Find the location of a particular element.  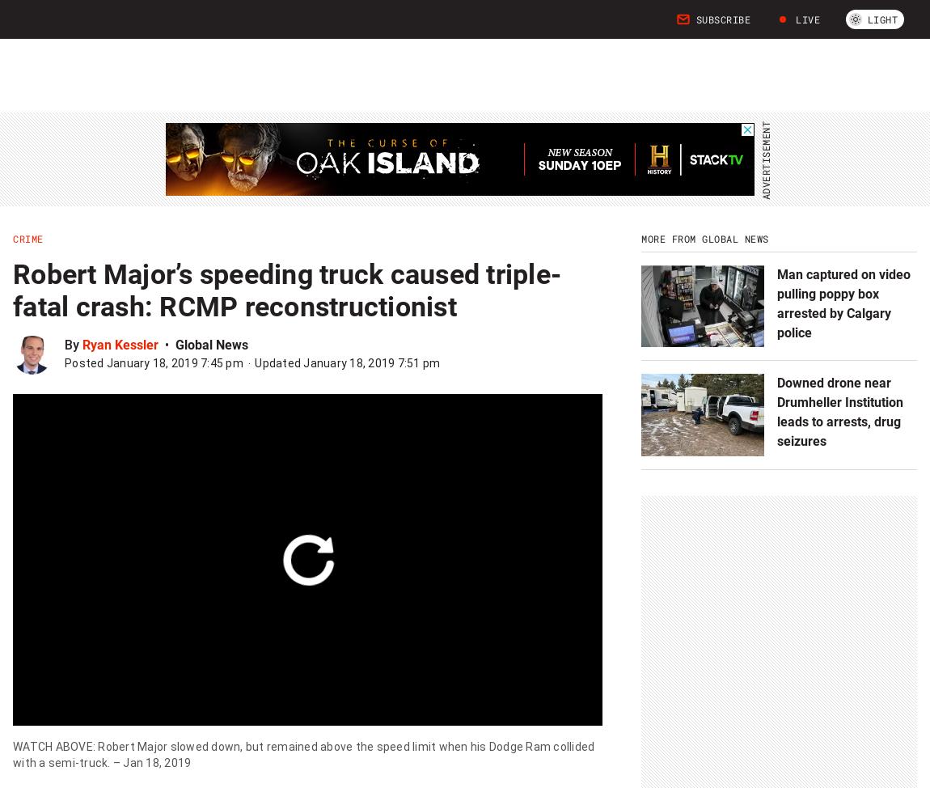

'More on Crime' is located at coordinates (107, 351).